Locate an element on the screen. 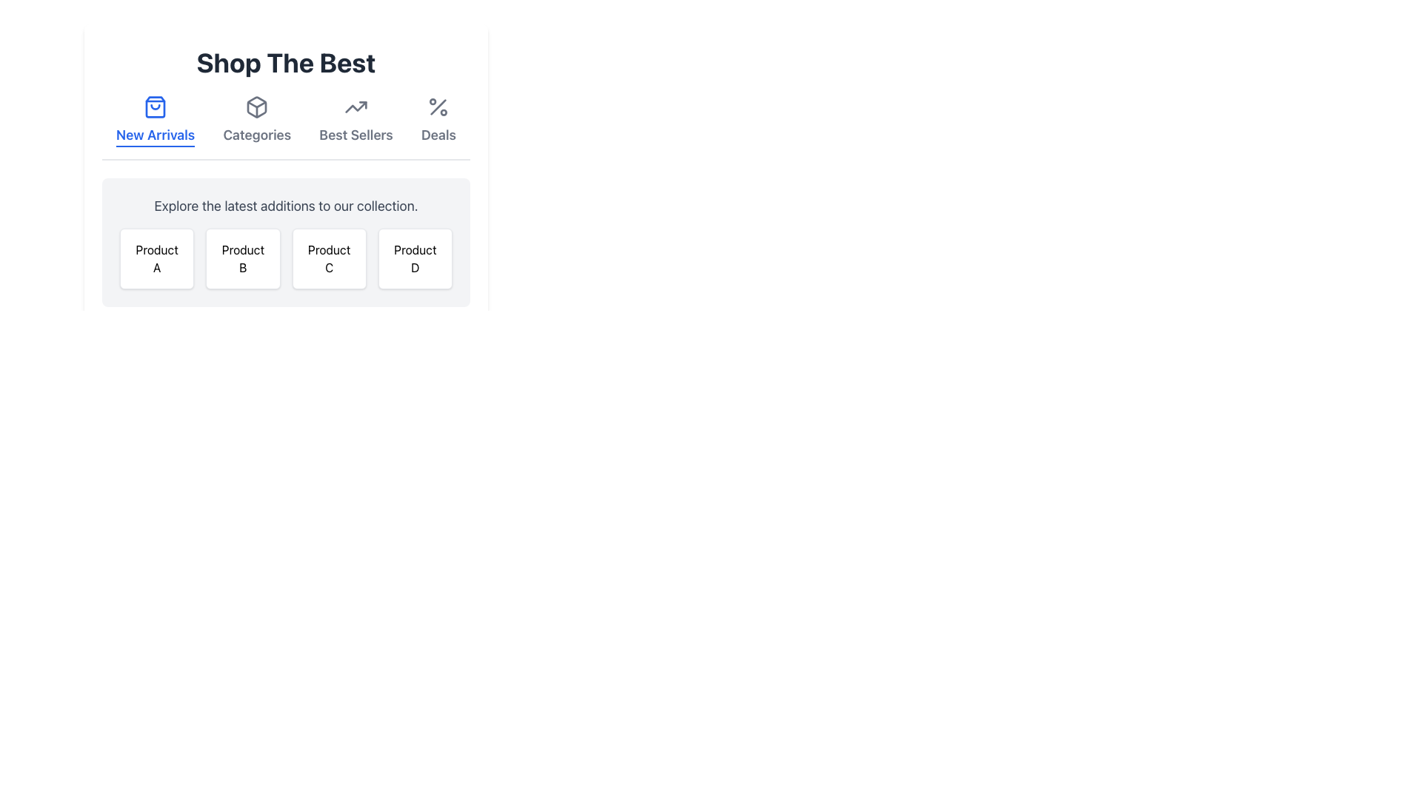 This screenshot has width=1422, height=799. the 'Deals' button in the navigation bar located at the top of the interface, next to 'Best Sellers' is located at coordinates (438, 121).